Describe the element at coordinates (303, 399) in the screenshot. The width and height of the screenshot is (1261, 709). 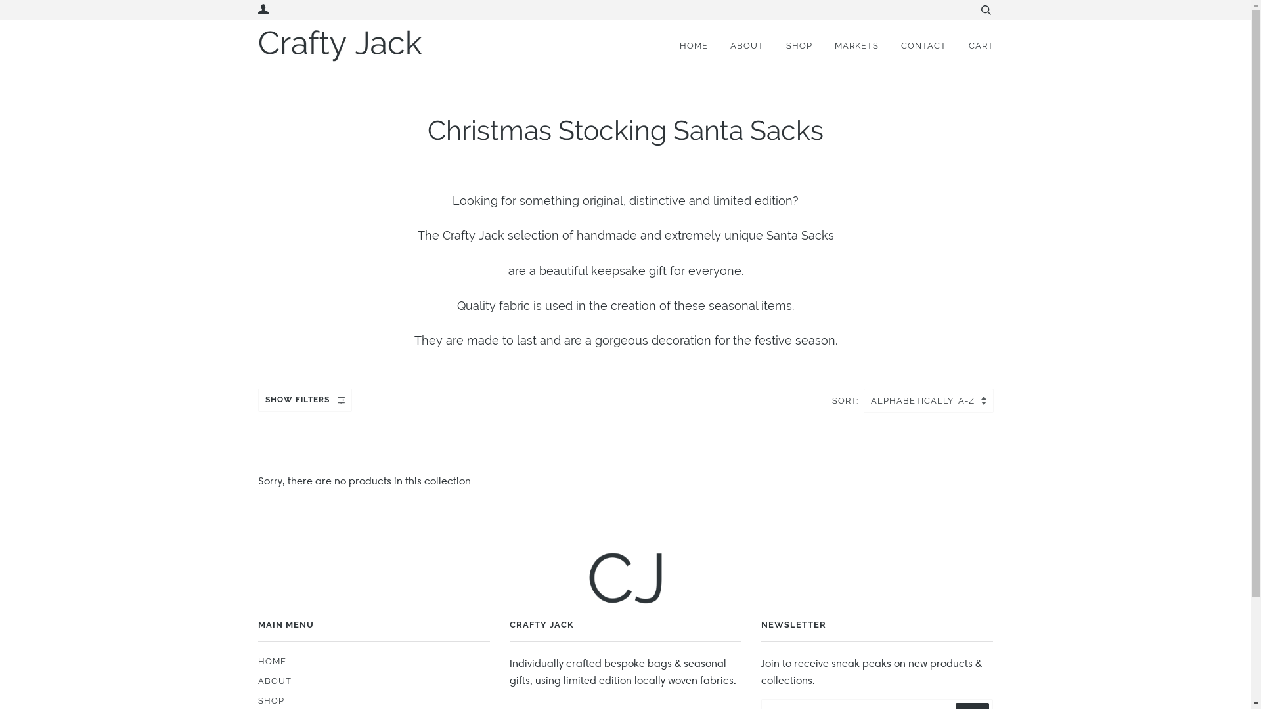
I see `'SHOW FILTERS'` at that location.